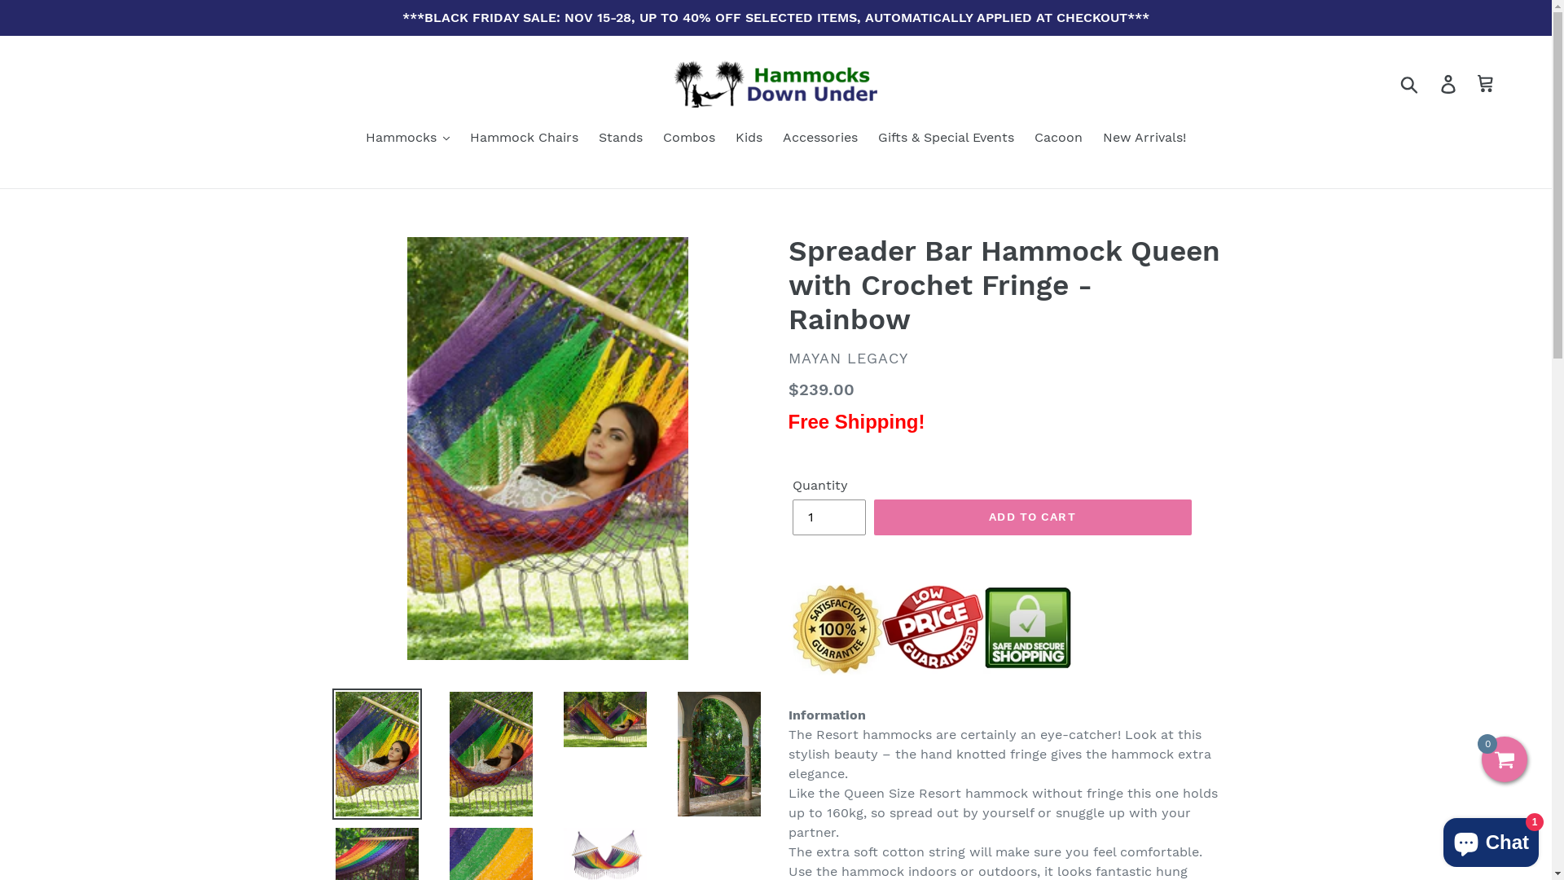 The width and height of the screenshot is (1564, 880). What do you see at coordinates (1504, 759) in the screenshot?
I see `'0'` at bounding box center [1504, 759].